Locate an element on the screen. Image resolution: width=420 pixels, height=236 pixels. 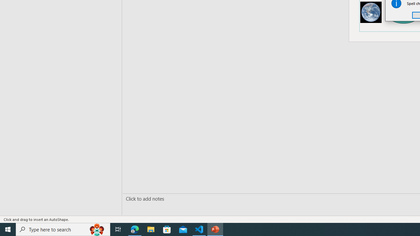
'File Explorer' is located at coordinates (151, 229).